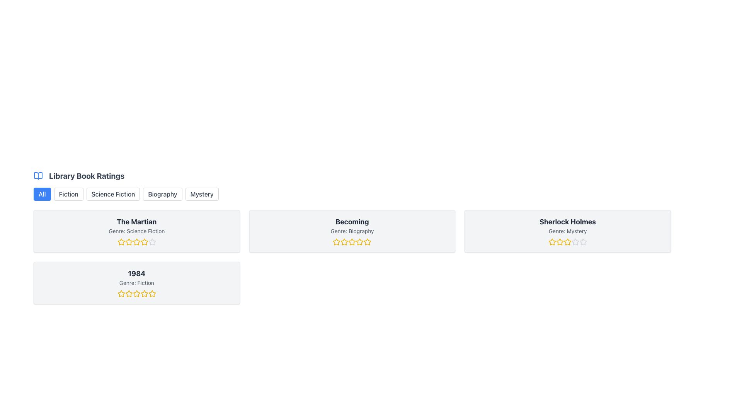  What do you see at coordinates (144, 293) in the screenshot?
I see `the fourth yellow star icon with a hollow center and black outlines, located under the '1984' book card in the rating system` at bounding box center [144, 293].